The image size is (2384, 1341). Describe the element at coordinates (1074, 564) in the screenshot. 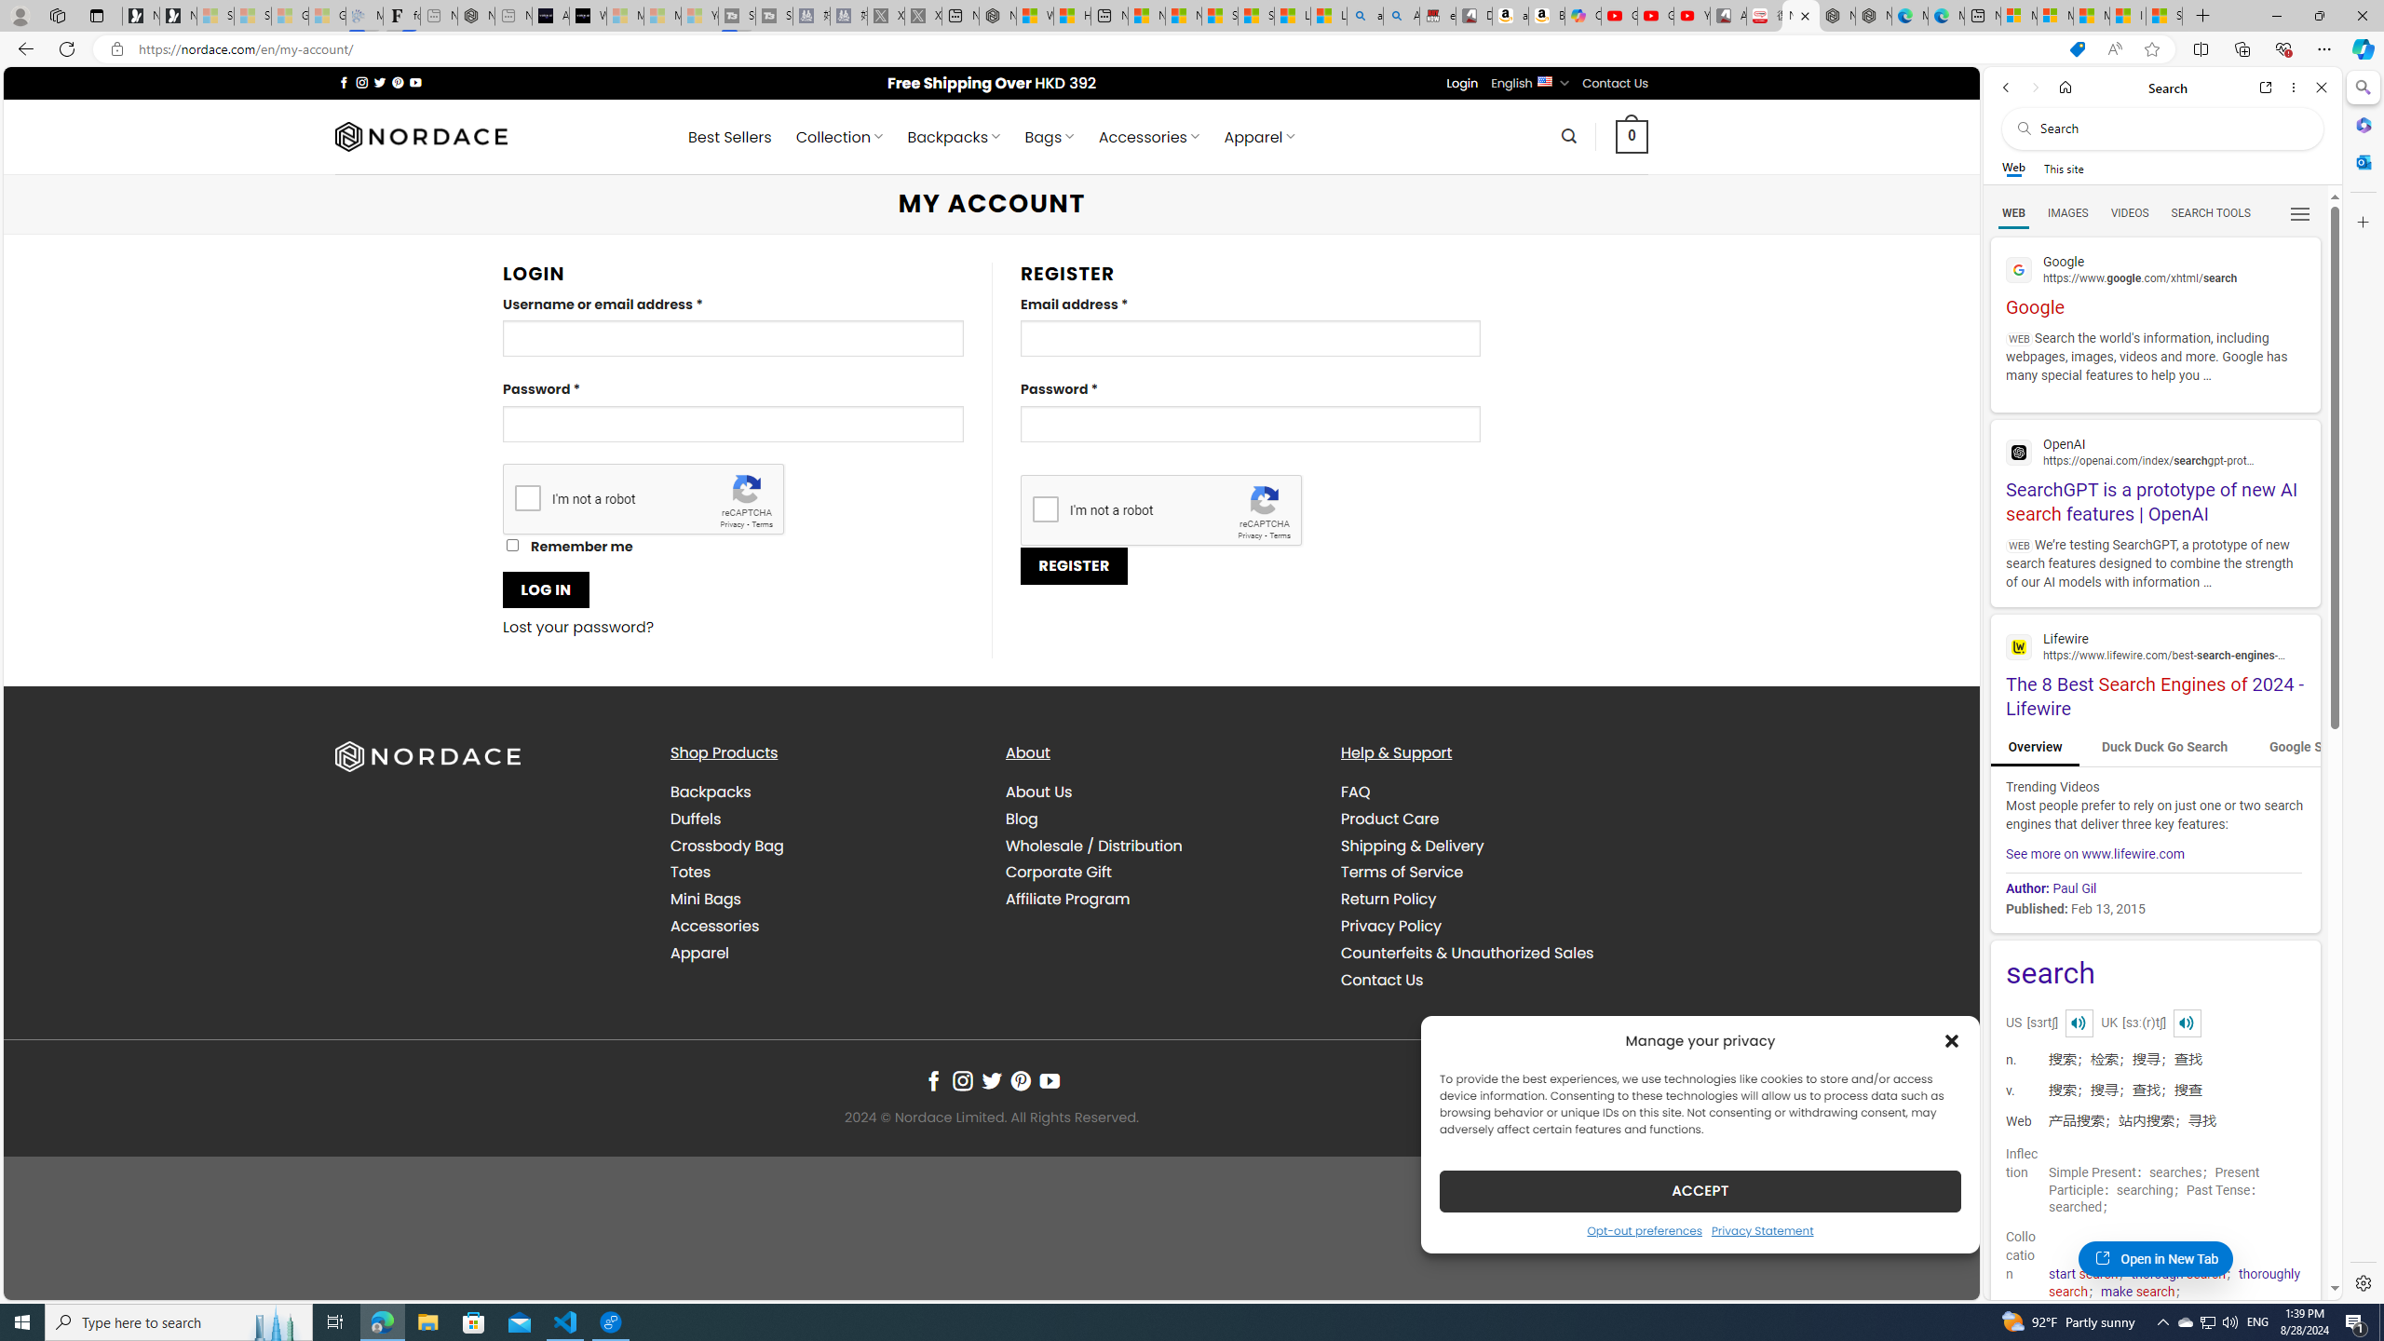

I see `'REGISTER'` at that location.